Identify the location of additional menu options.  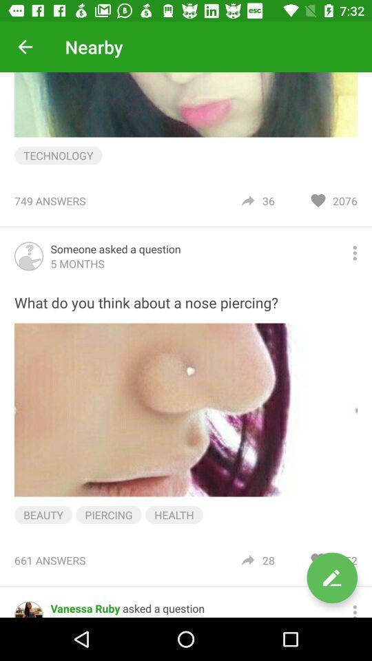
(355, 252).